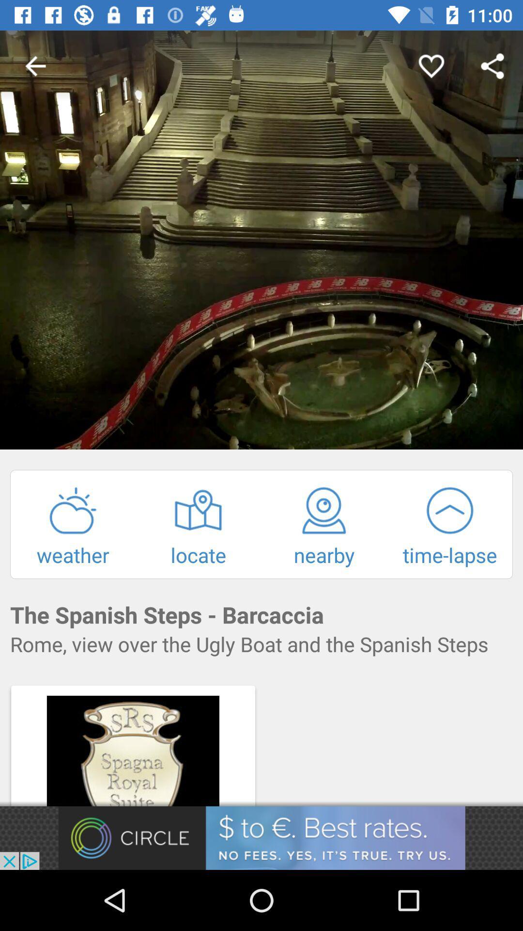 The image size is (523, 931). What do you see at coordinates (261, 644) in the screenshot?
I see `the text above the second image` at bounding box center [261, 644].